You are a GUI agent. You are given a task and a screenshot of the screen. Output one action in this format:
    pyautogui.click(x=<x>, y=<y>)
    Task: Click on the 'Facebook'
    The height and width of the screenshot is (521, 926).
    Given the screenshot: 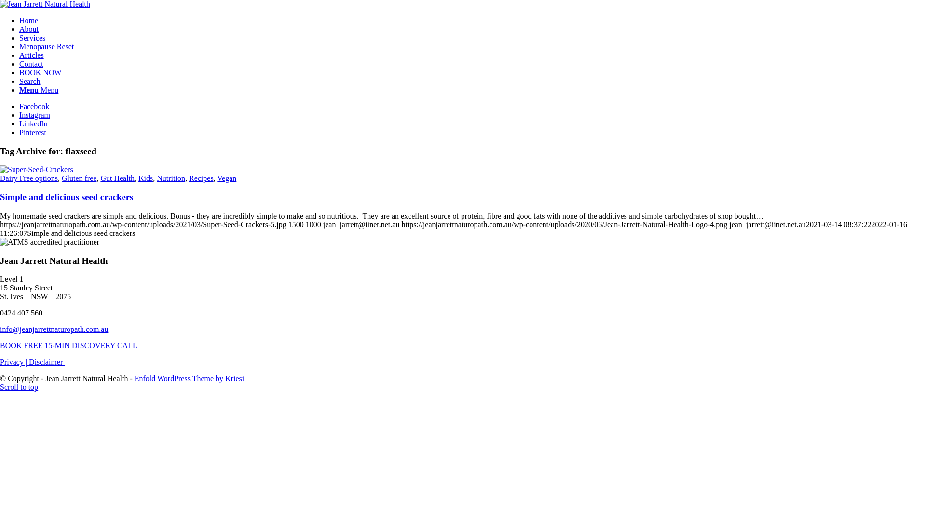 What is the action you would take?
    pyautogui.click(x=34, y=106)
    